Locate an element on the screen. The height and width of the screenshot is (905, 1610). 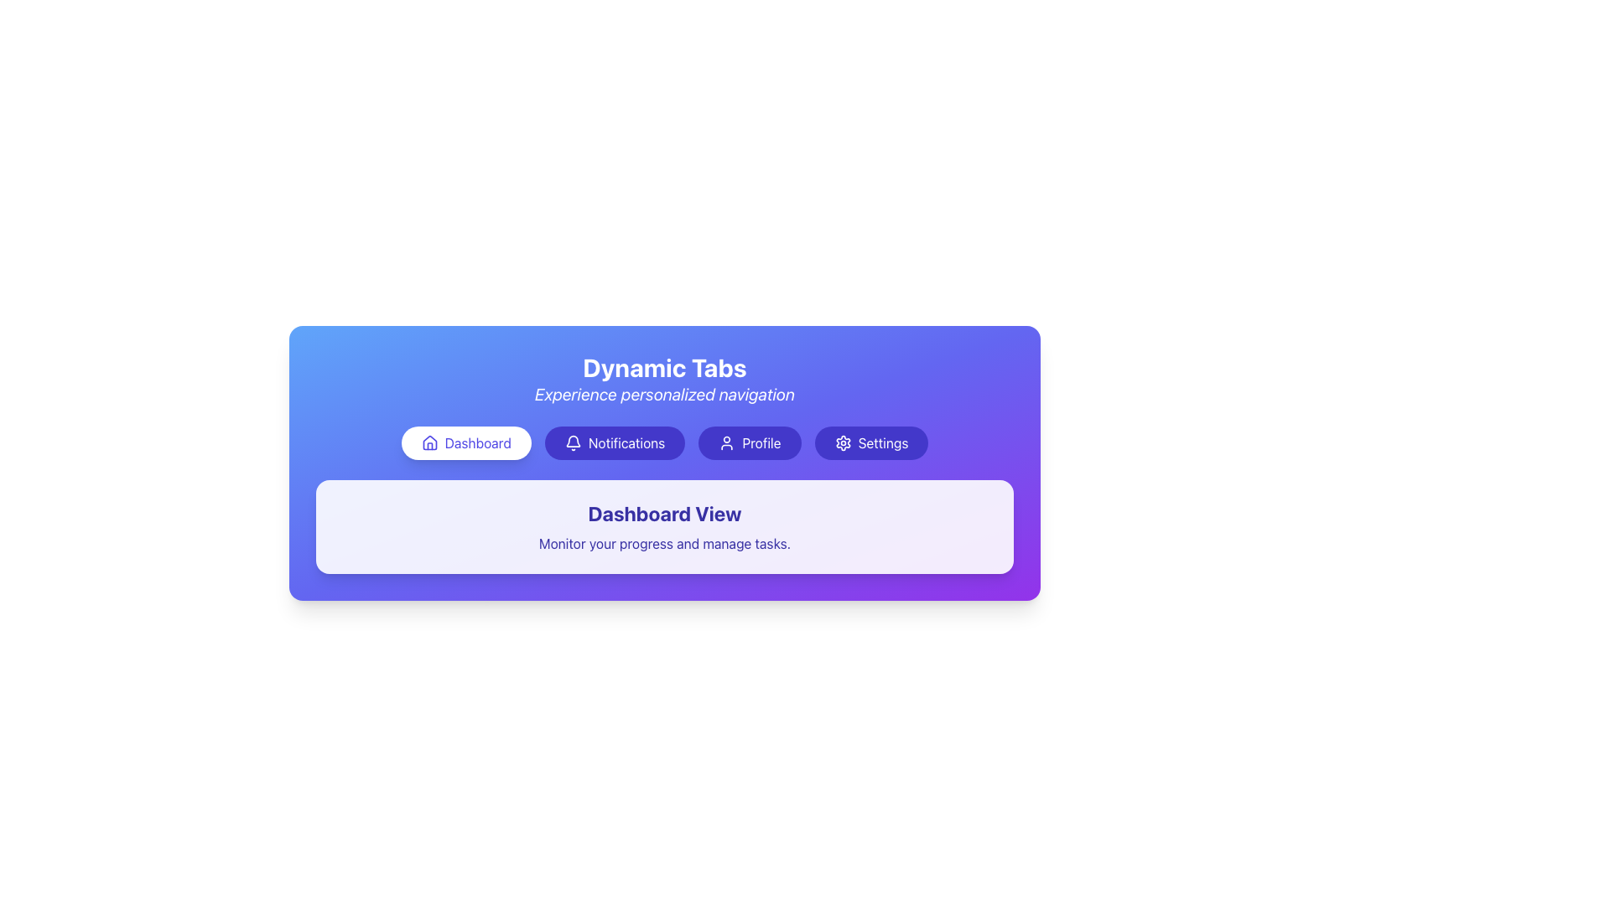
the notification bell icon located within the 'Notifications' button, which has a dark blue background and rounded corners is located at coordinates (573, 442).